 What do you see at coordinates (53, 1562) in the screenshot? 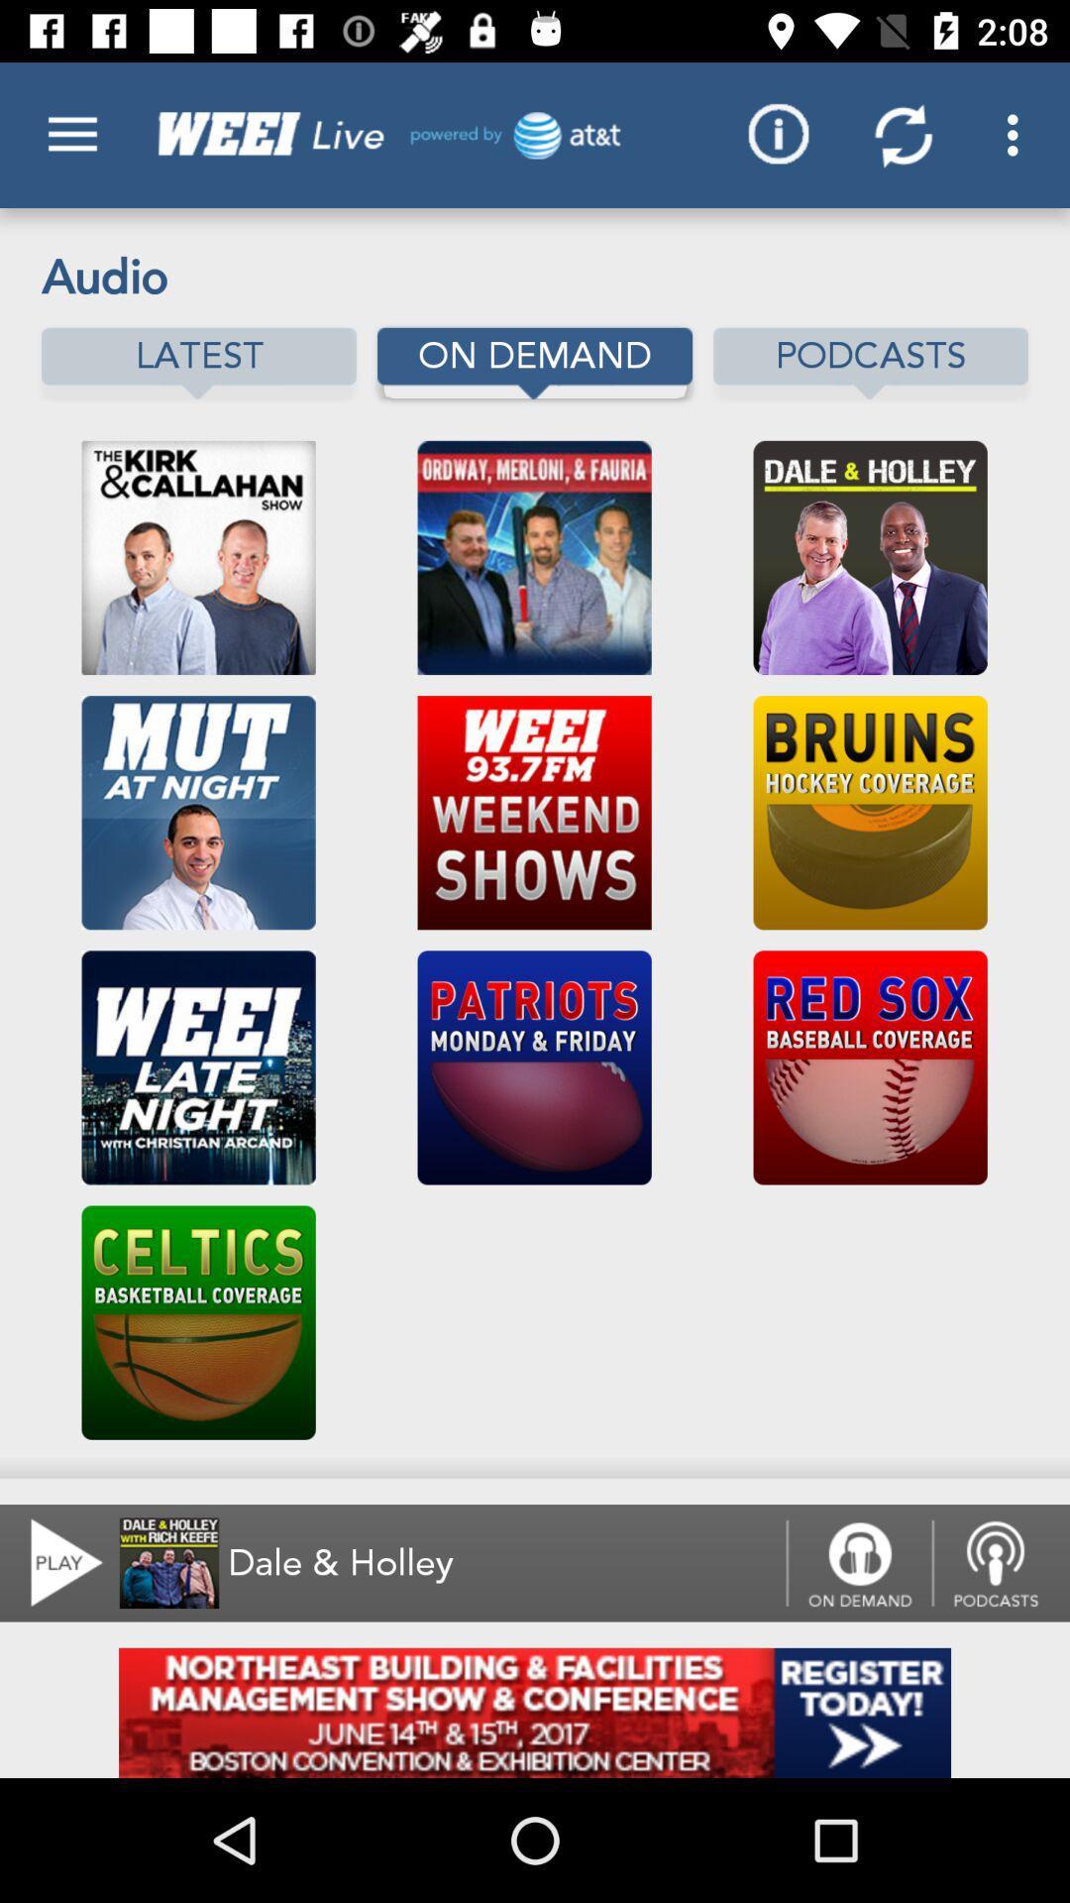
I see `the play icon` at bounding box center [53, 1562].